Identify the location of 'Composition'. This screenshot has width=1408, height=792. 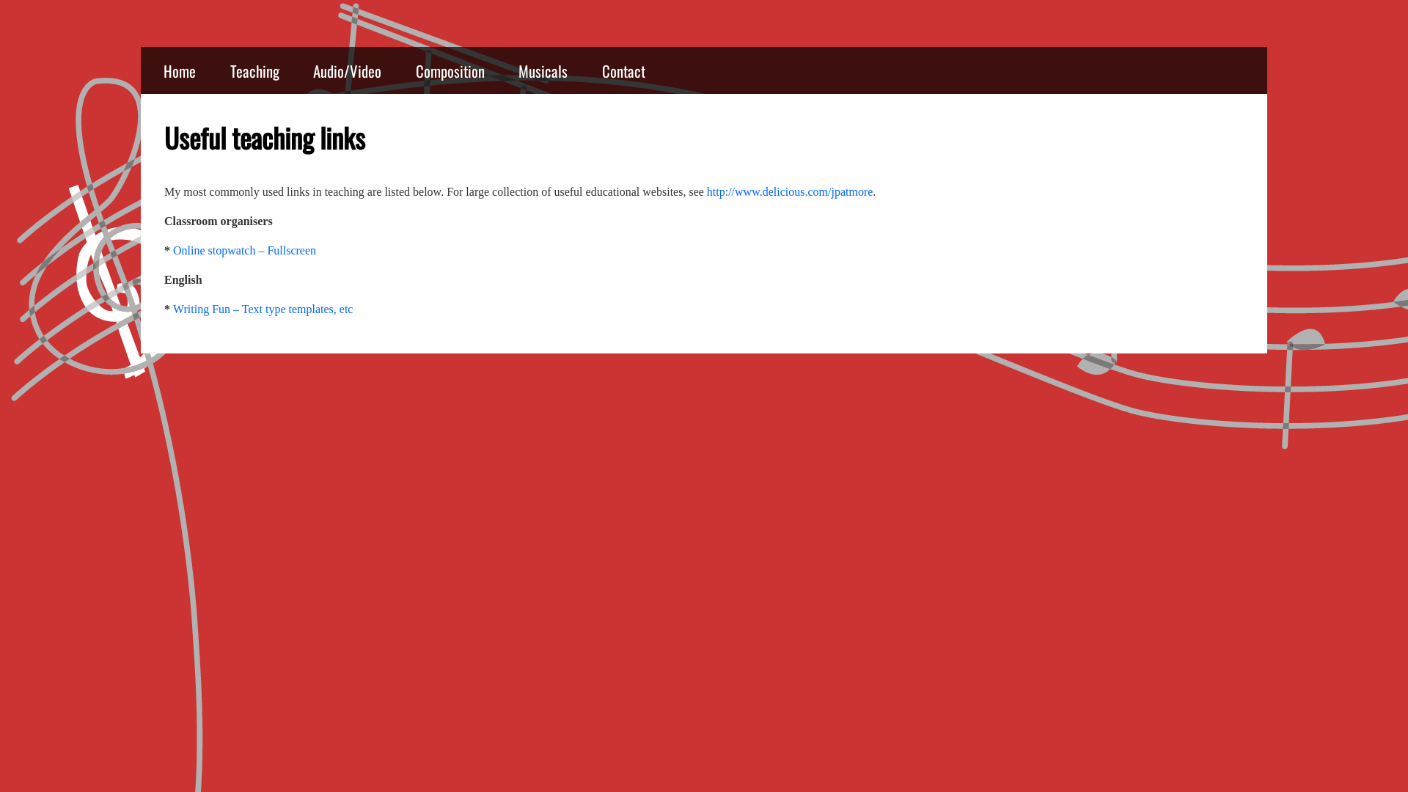
(450, 70).